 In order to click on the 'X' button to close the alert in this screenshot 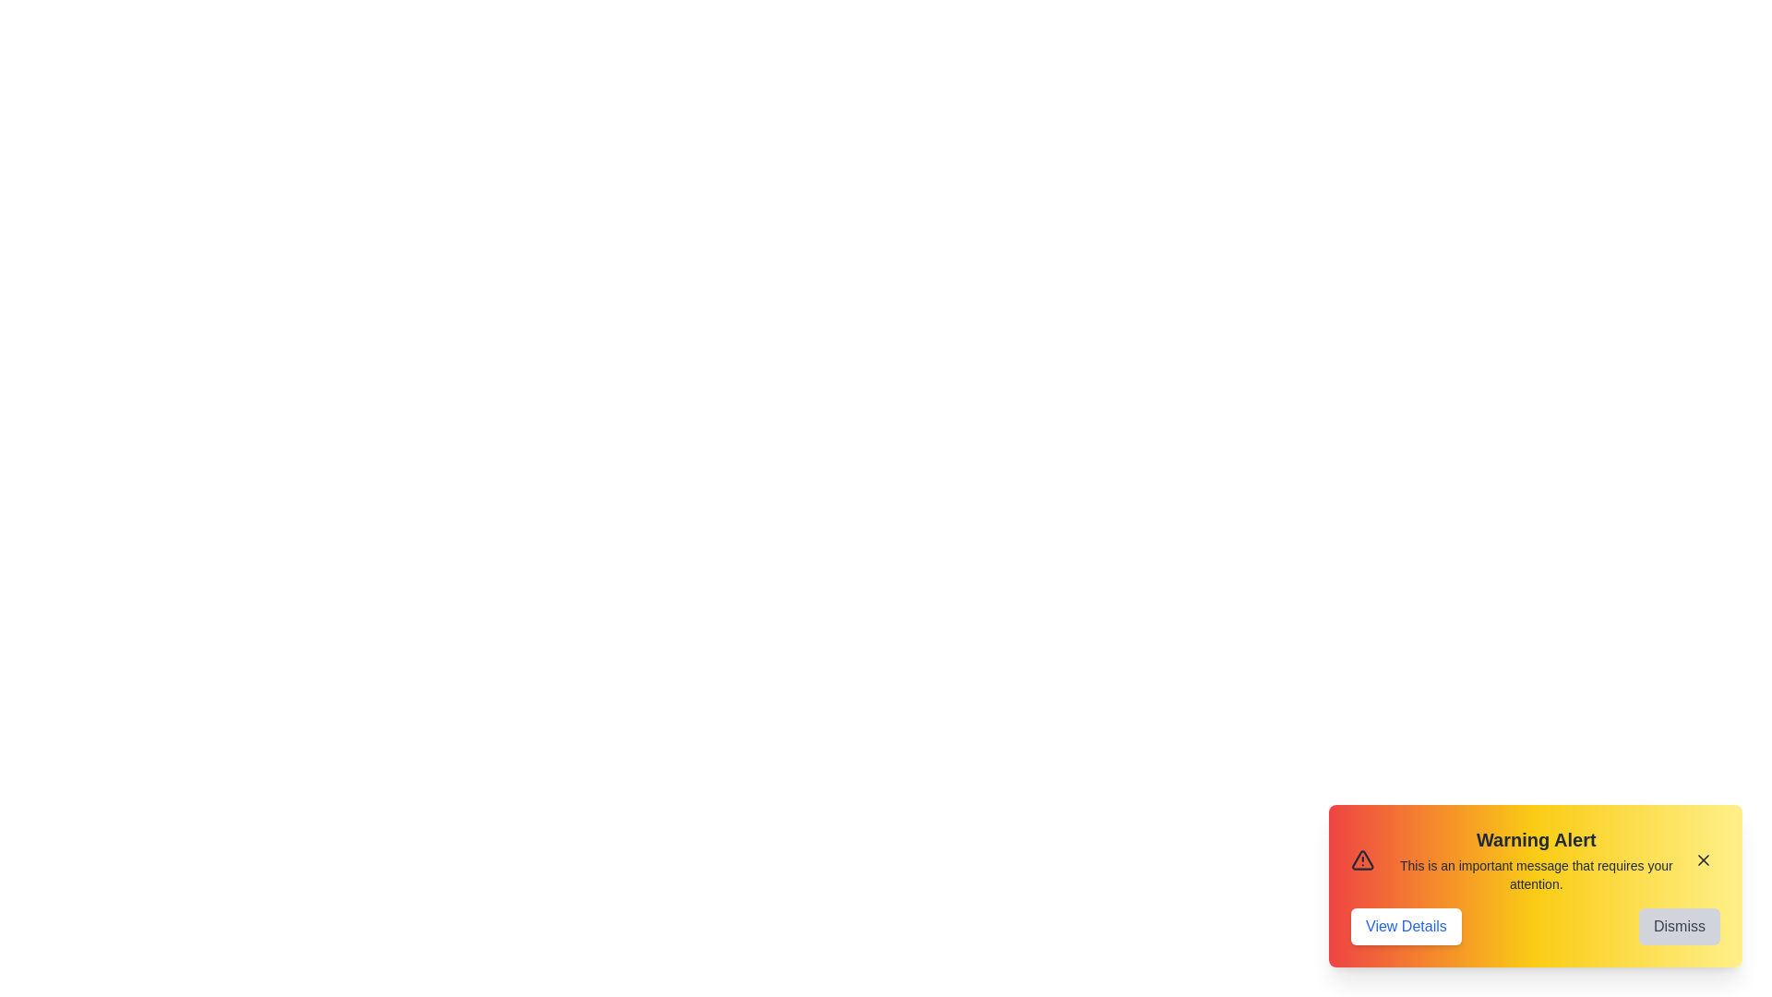, I will do `click(1703, 860)`.